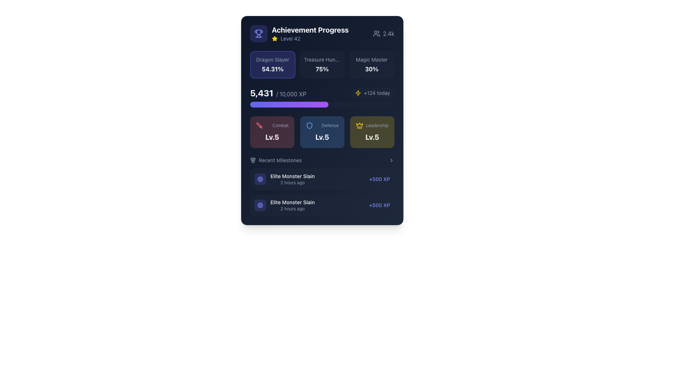 Image resolution: width=696 pixels, height=391 pixels. I want to click on the forward-navigation icon located at the far right of the 'Recent Milestones' section for visual feedback, so click(391, 160).